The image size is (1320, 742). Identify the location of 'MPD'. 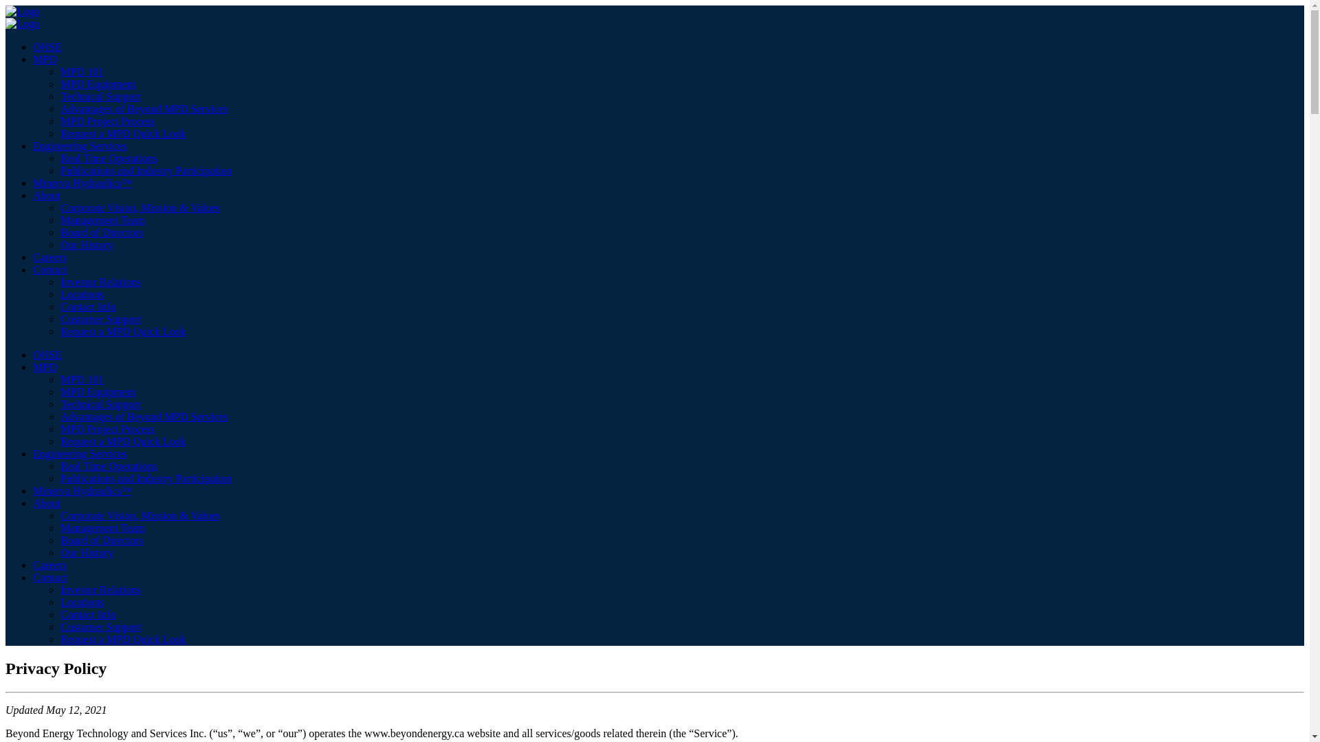
(45, 366).